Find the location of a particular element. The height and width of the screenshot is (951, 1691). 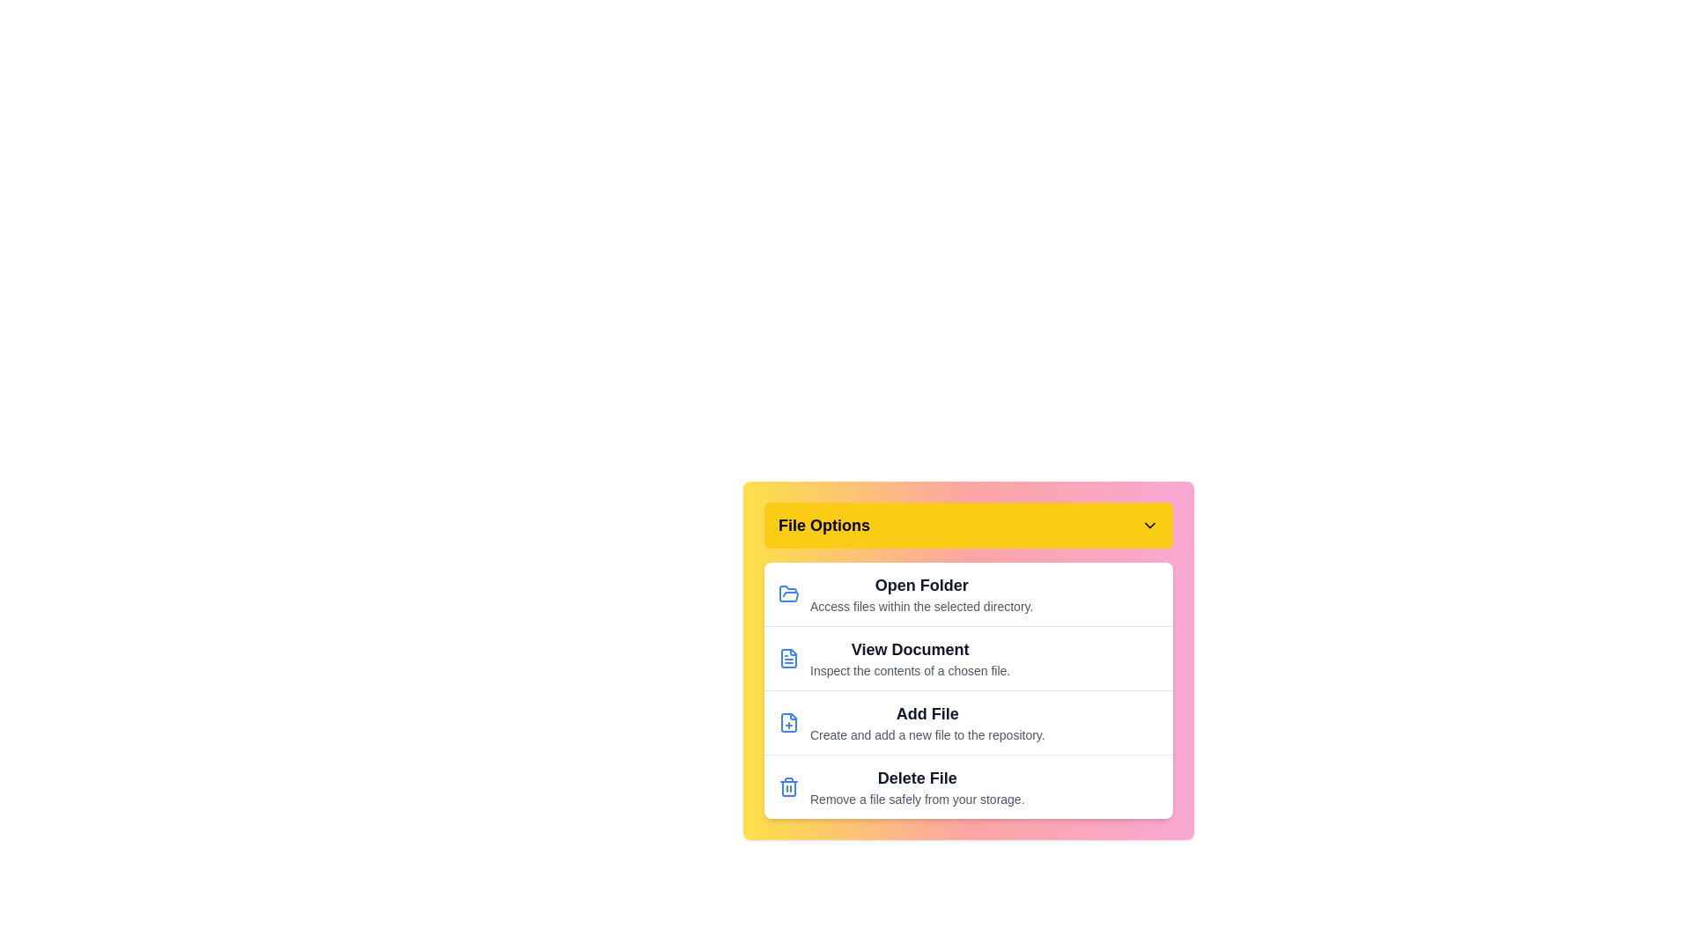

the small downward-pointing chevron icon with a thin black outline located in the top-right corner of the yellow 'File Options' header bar is located at coordinates (1149, 525).